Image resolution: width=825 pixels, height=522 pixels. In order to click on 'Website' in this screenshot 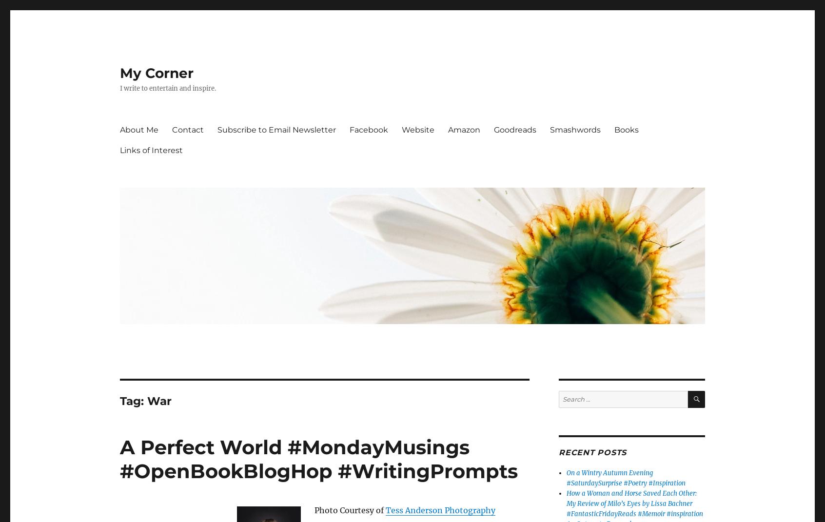, I will do `click(402, 129)`.